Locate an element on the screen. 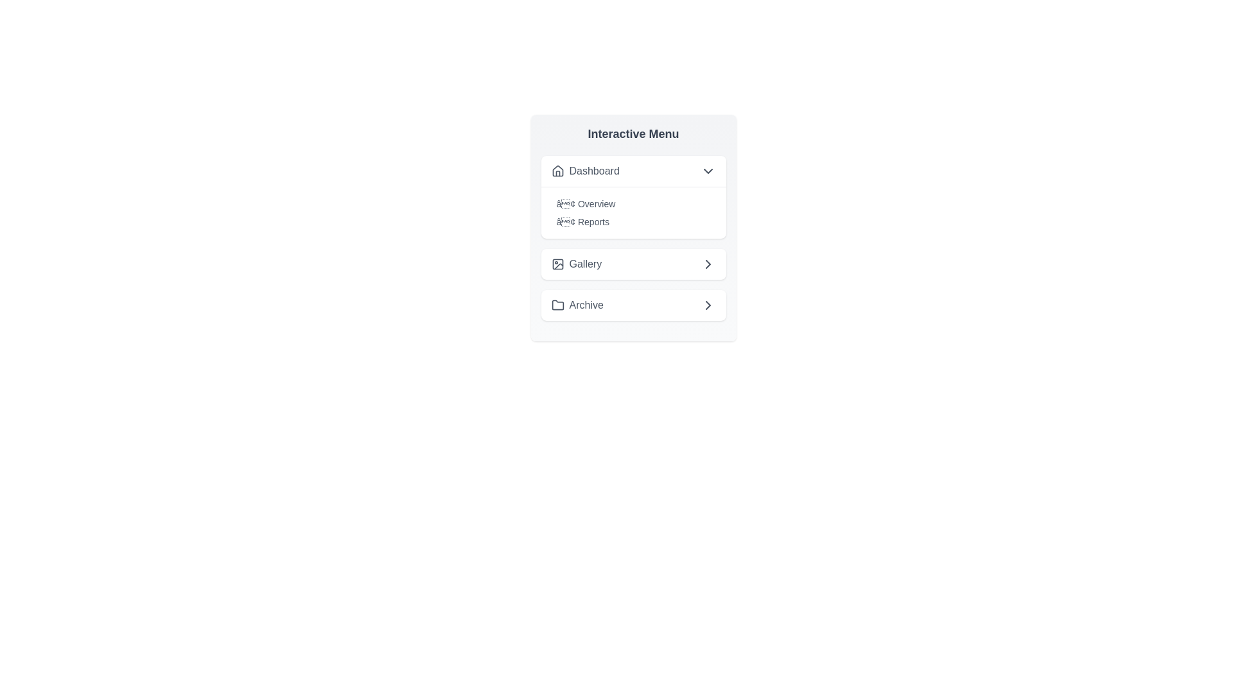 The image size is (1233, 693). the icon of the section Gallery is located at coordinates (557, 264).